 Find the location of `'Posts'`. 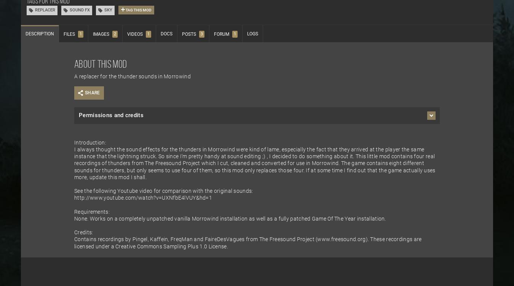

'Posts' is located at coordinates (188, 34).